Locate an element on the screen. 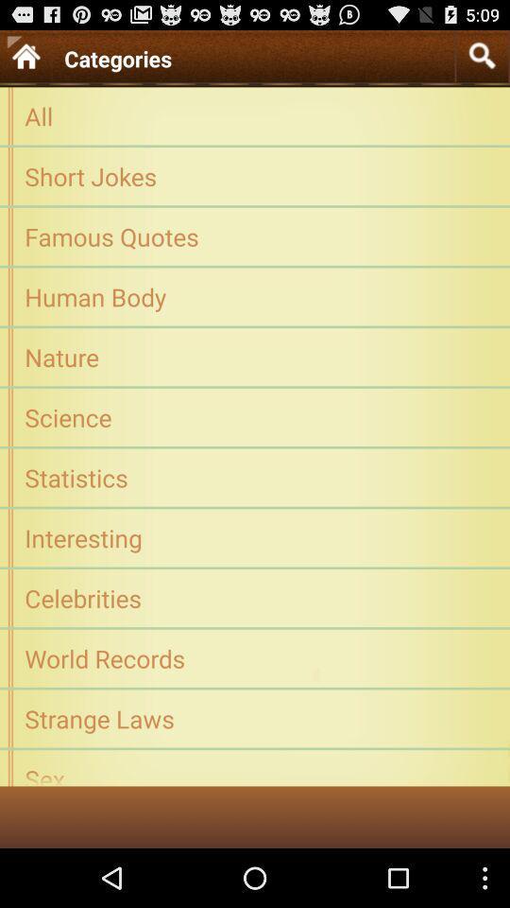 The image size is (510, 908). the icon next to the categories icon is located at coordinates (482, 55).